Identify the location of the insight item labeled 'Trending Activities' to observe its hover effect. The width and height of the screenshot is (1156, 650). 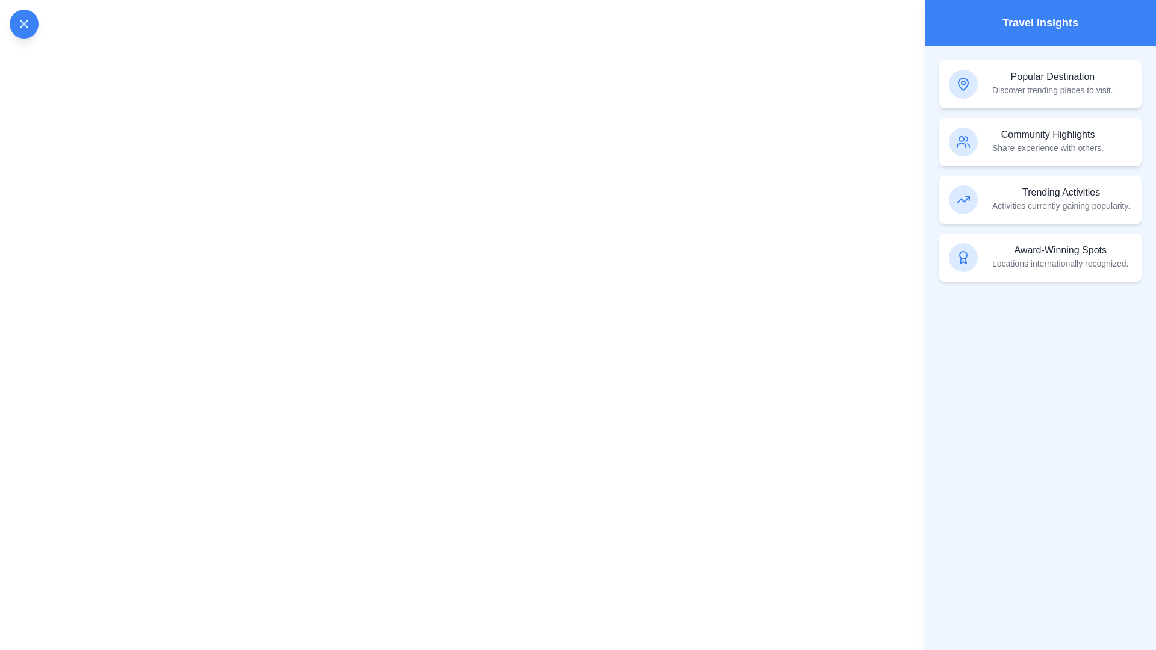
(1040, 199).